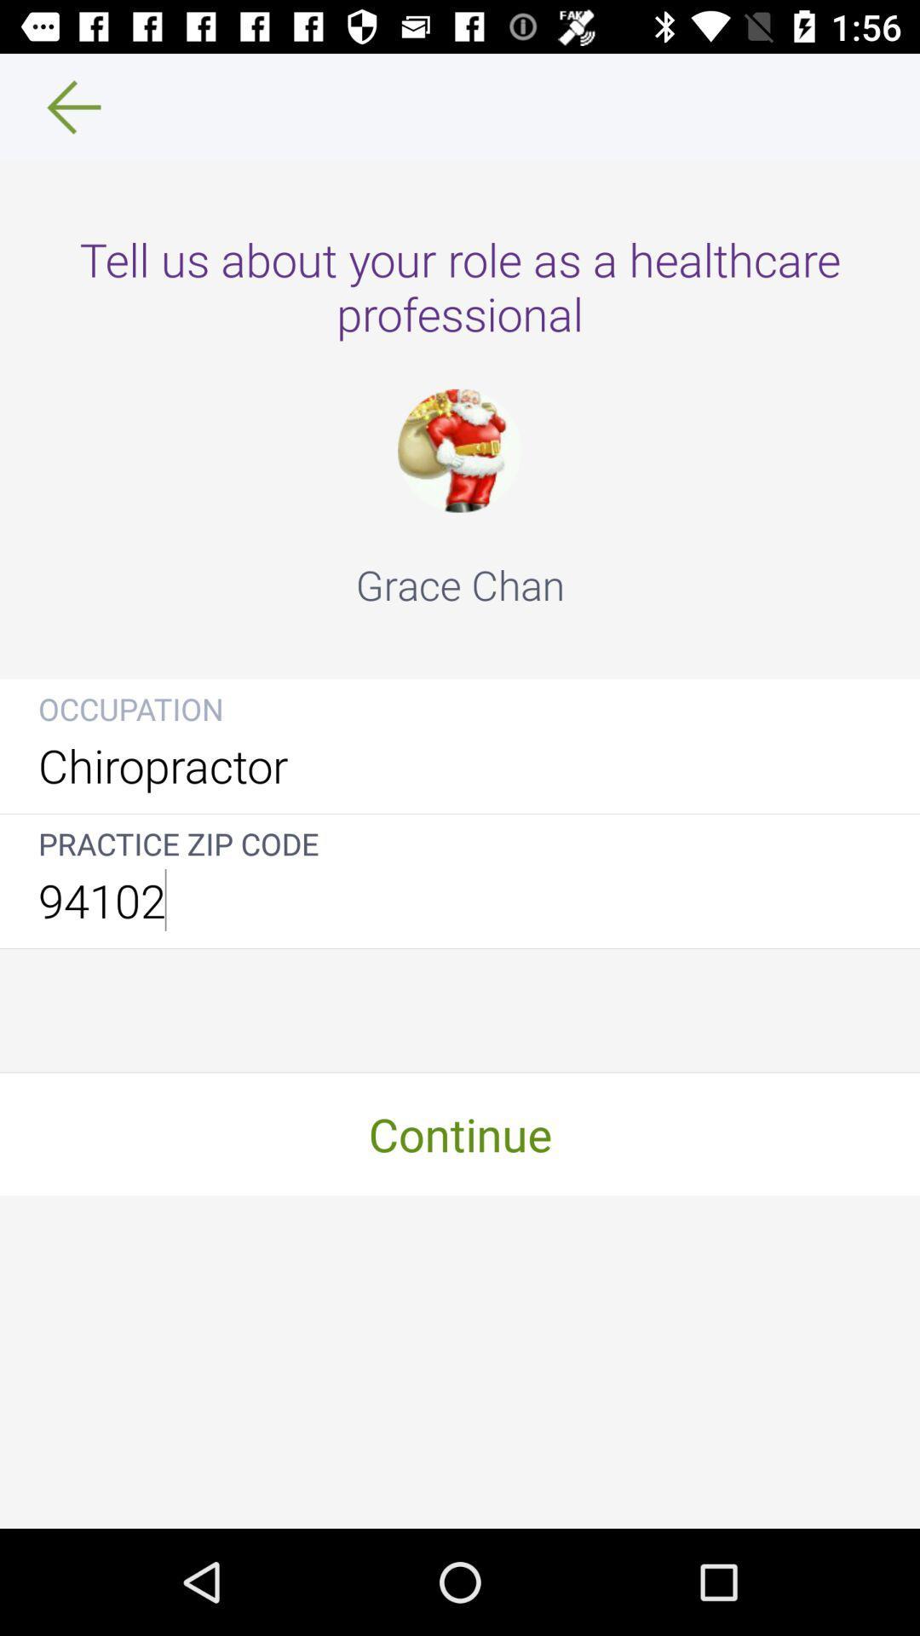 The width and height of the screenshot is (920, 1636). What do you see at coordinates (458, 451) in the screenshot?
I see `icon below tell us about` at bounding box center [458, 451].